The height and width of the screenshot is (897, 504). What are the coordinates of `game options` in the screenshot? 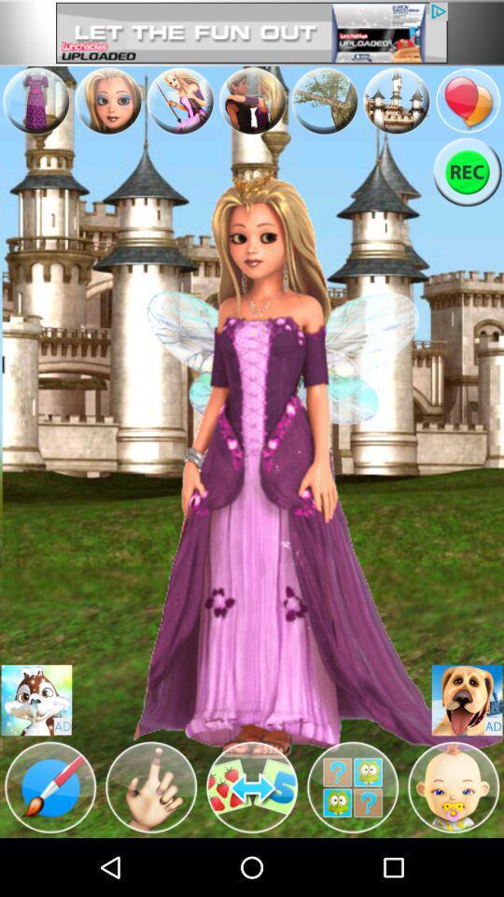 It's located at (150, 786).